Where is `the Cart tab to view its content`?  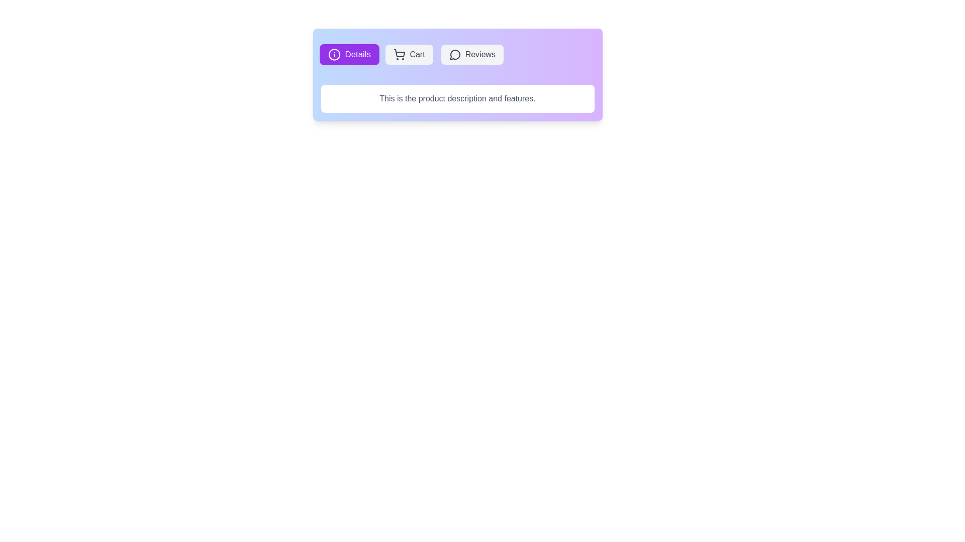 the Cart tab to view its content is located at coordinates (409, 54).